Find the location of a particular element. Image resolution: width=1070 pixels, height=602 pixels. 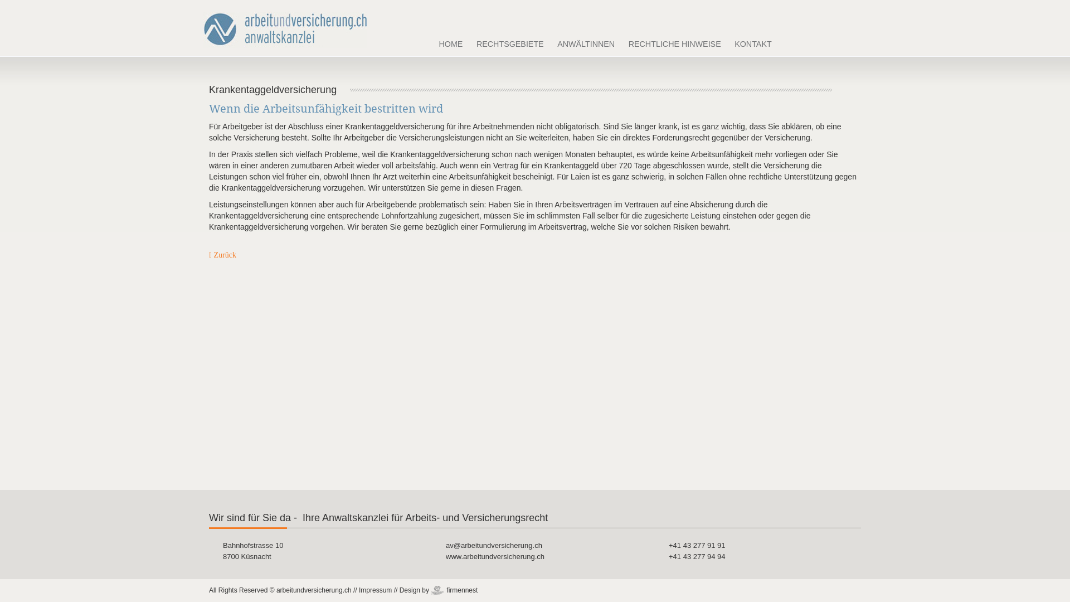

'RECHTSGEBIETE' is located at coordinates (509, 43).